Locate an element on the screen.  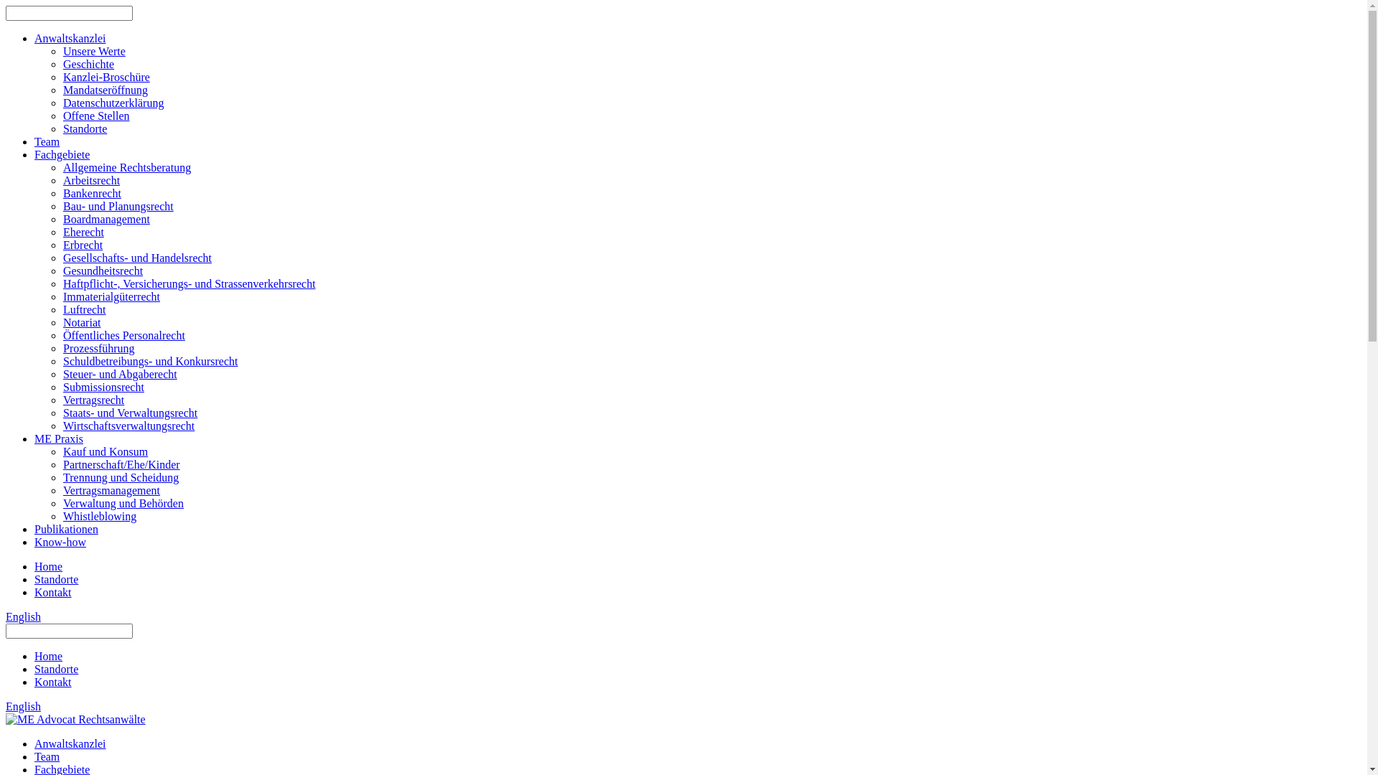
'Standorte' is located at coordinates (84, 128).